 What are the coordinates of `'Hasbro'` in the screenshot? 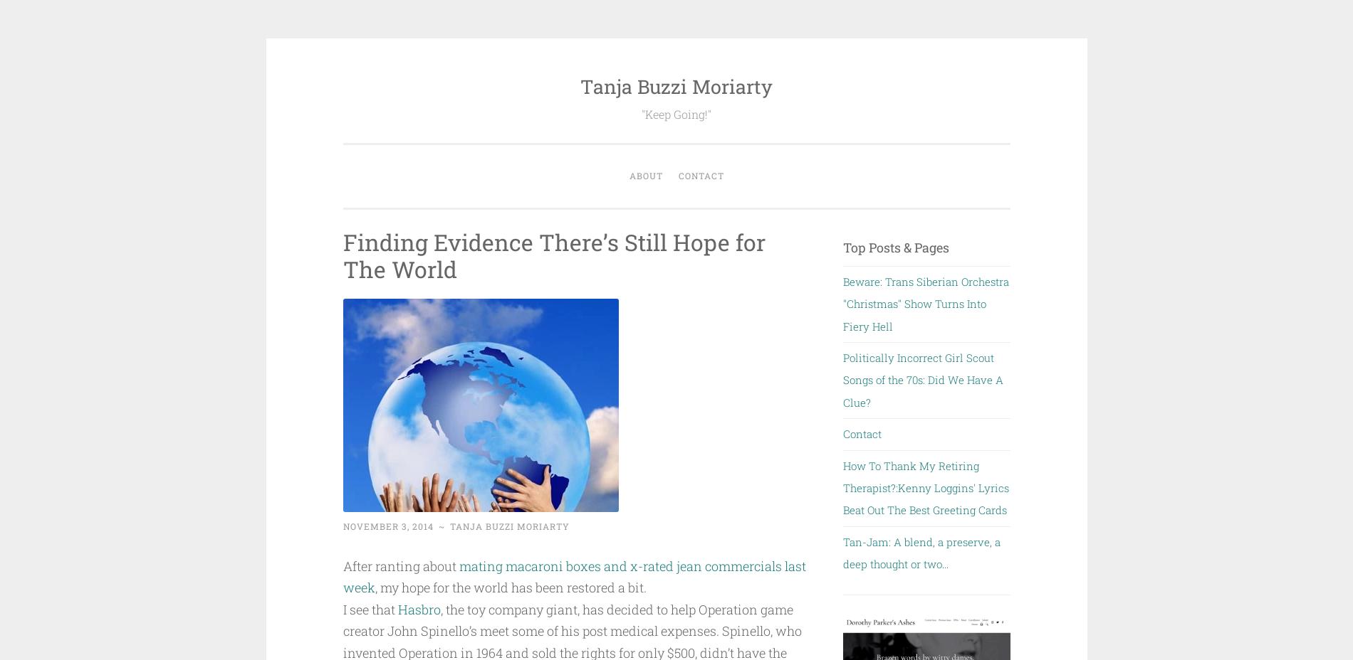 It's located at (419, 608).